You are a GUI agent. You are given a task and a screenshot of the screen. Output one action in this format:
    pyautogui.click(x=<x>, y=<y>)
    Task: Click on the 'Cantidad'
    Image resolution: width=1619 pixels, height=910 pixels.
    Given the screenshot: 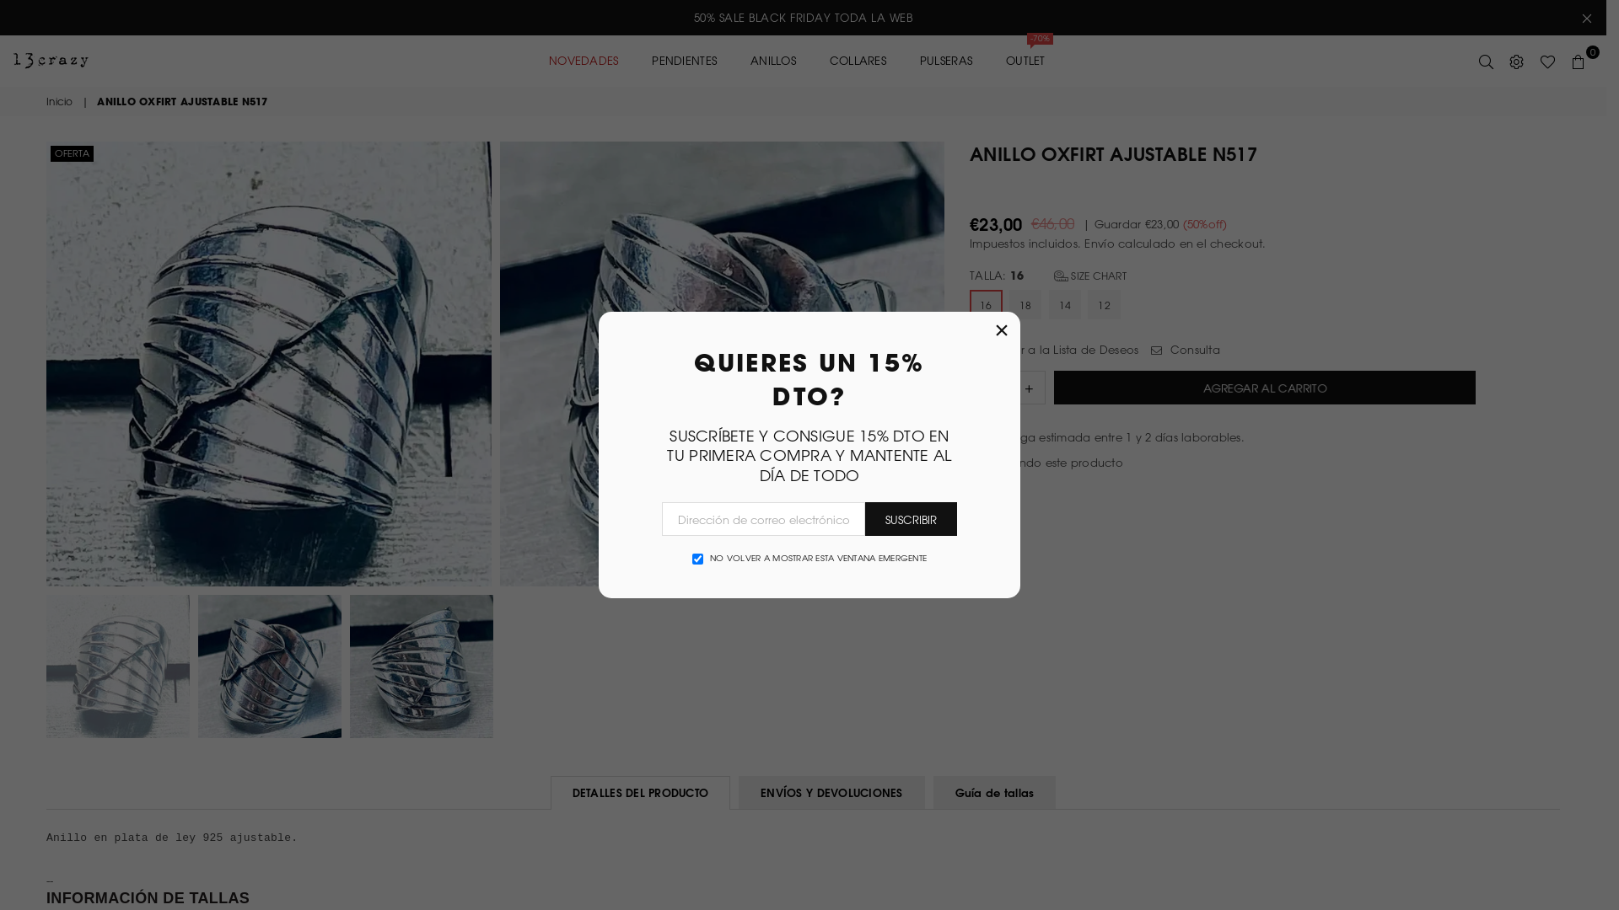 What is the action you would take?
    pyautogui.click(x=1008, y=387)
    